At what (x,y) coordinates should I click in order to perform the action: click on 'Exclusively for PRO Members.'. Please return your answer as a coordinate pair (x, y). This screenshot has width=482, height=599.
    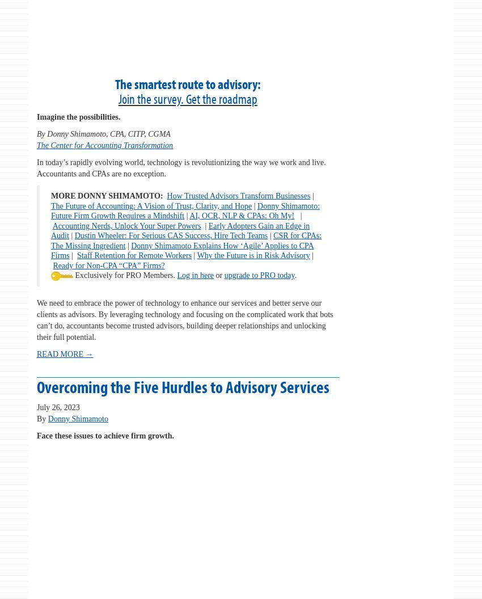
    Looking at the image, I should click on (125, 275).